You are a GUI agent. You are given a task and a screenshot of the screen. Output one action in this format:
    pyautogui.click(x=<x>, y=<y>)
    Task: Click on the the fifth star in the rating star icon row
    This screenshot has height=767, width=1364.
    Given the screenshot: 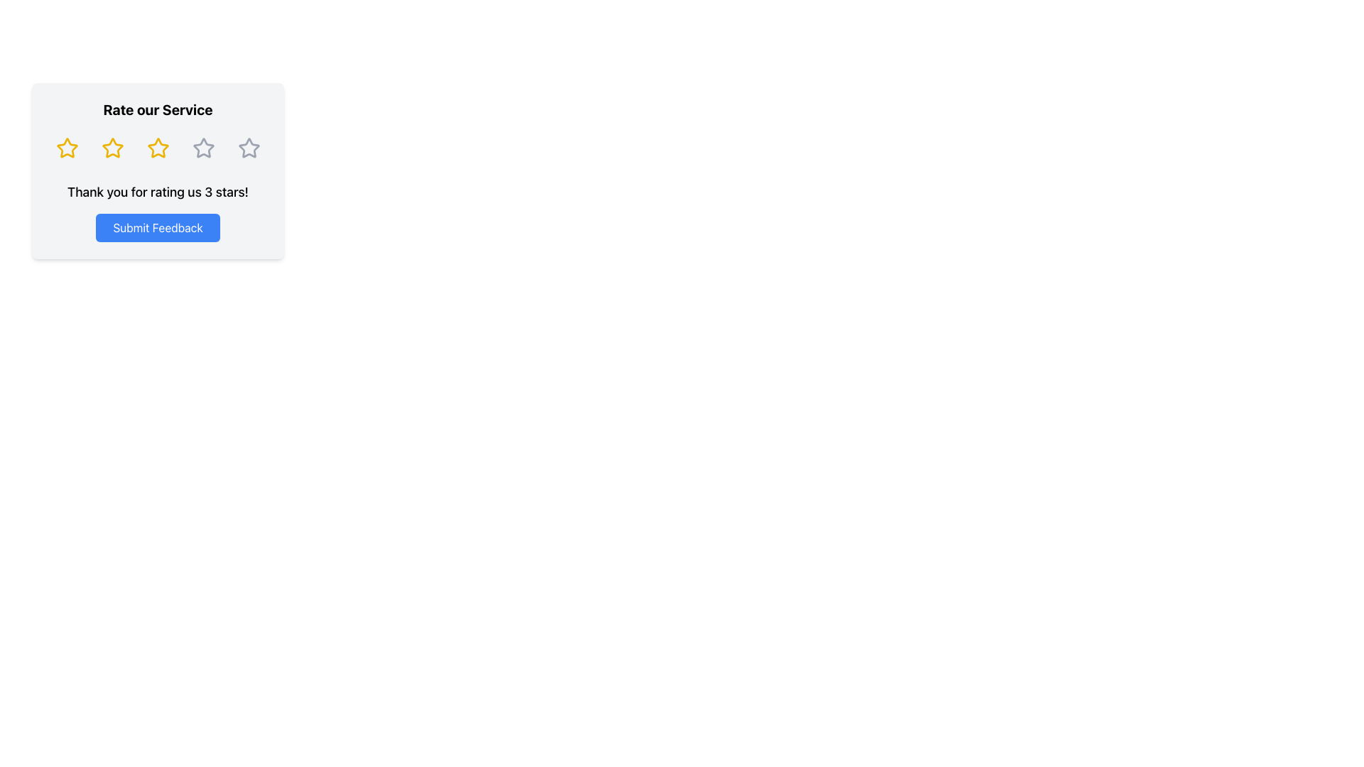 What is the action you would take?
    pyautogui.click(x=249, y=148)
    